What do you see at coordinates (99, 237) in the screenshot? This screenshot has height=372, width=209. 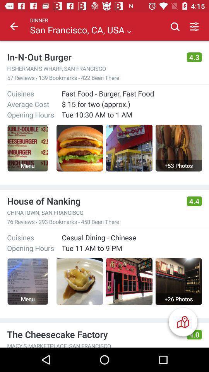 I see `icon above tue 11 am` at bounding box center [99, 237].